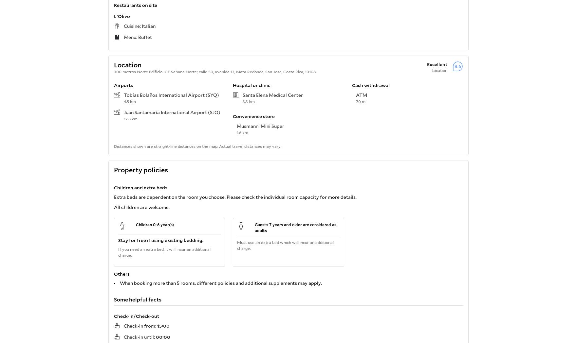 This screenshot has height=343, width=577. What do you see at coordinates (140, 187) in the screenshot?
I see `'Children and extra beds'` at bounding box center [140, 187].